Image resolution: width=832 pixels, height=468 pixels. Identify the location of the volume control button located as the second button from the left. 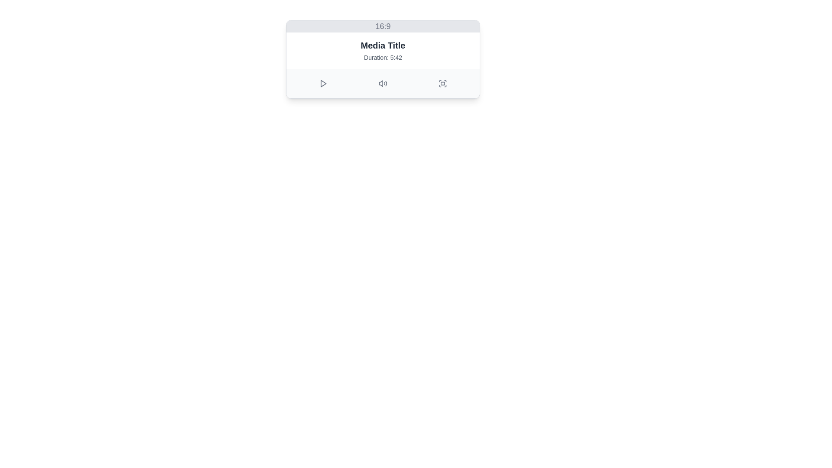
(382, 83).